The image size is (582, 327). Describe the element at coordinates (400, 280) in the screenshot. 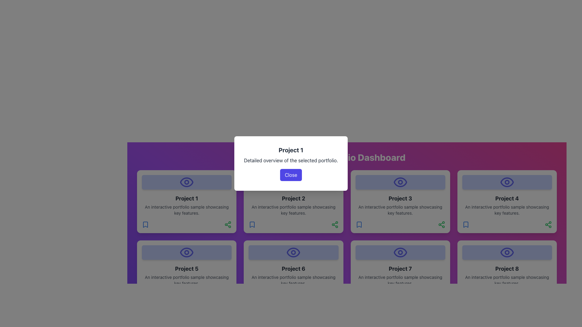

I see `the text element that reads 'An interactive portfolio sample showcasing key features.' which is styled in a small gray font and located directly below the title text 'Project 7'` at that location.